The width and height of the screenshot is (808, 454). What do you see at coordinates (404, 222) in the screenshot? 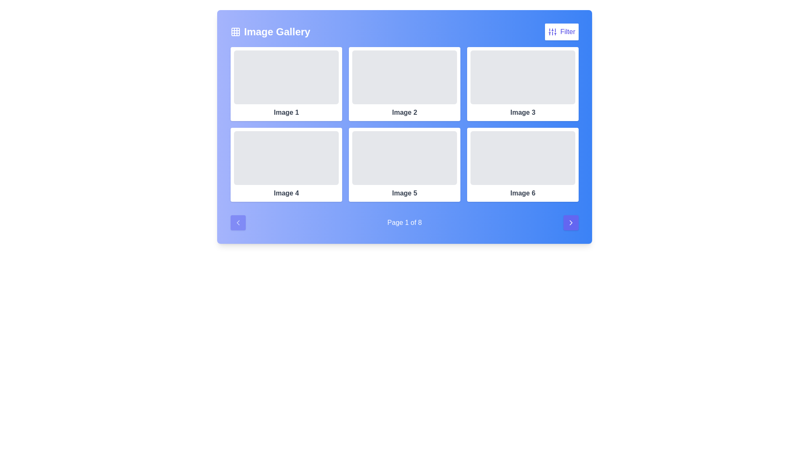
I see `the text label that reads 'Page 1 of 8', rendered in white color against a gradient blue background, located at the bottom-center of the main content area` at bounding box center [404, 222].